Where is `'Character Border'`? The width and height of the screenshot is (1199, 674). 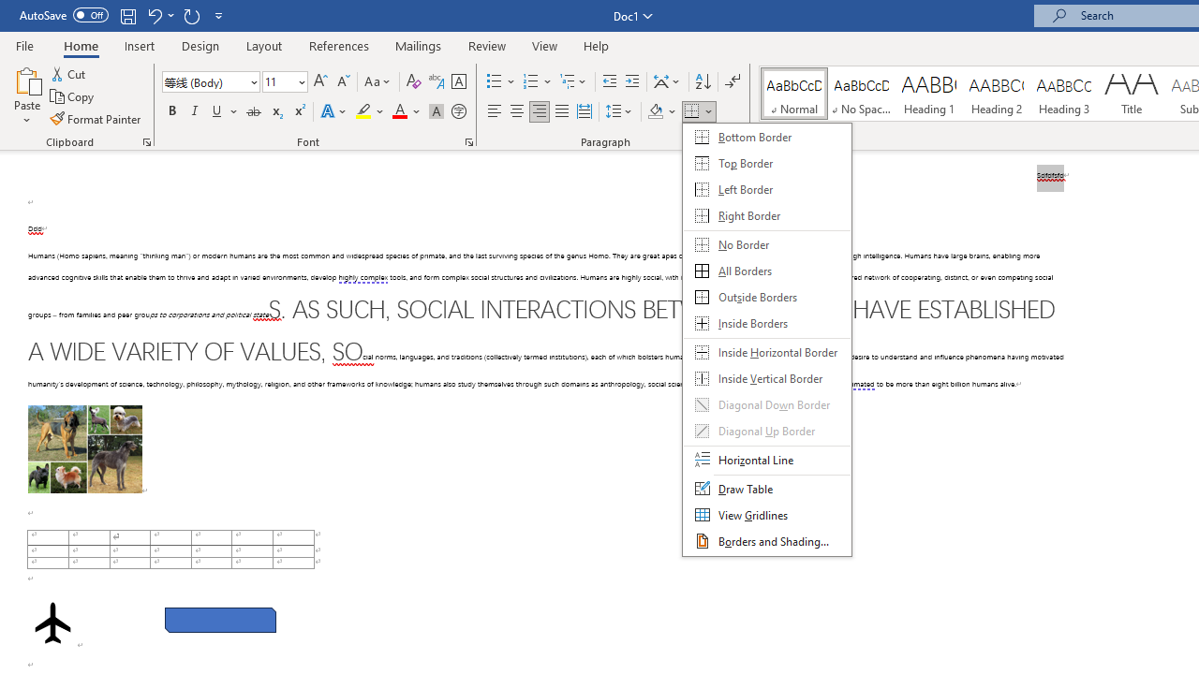
'Character Border' is located at coordinates (458, 81).